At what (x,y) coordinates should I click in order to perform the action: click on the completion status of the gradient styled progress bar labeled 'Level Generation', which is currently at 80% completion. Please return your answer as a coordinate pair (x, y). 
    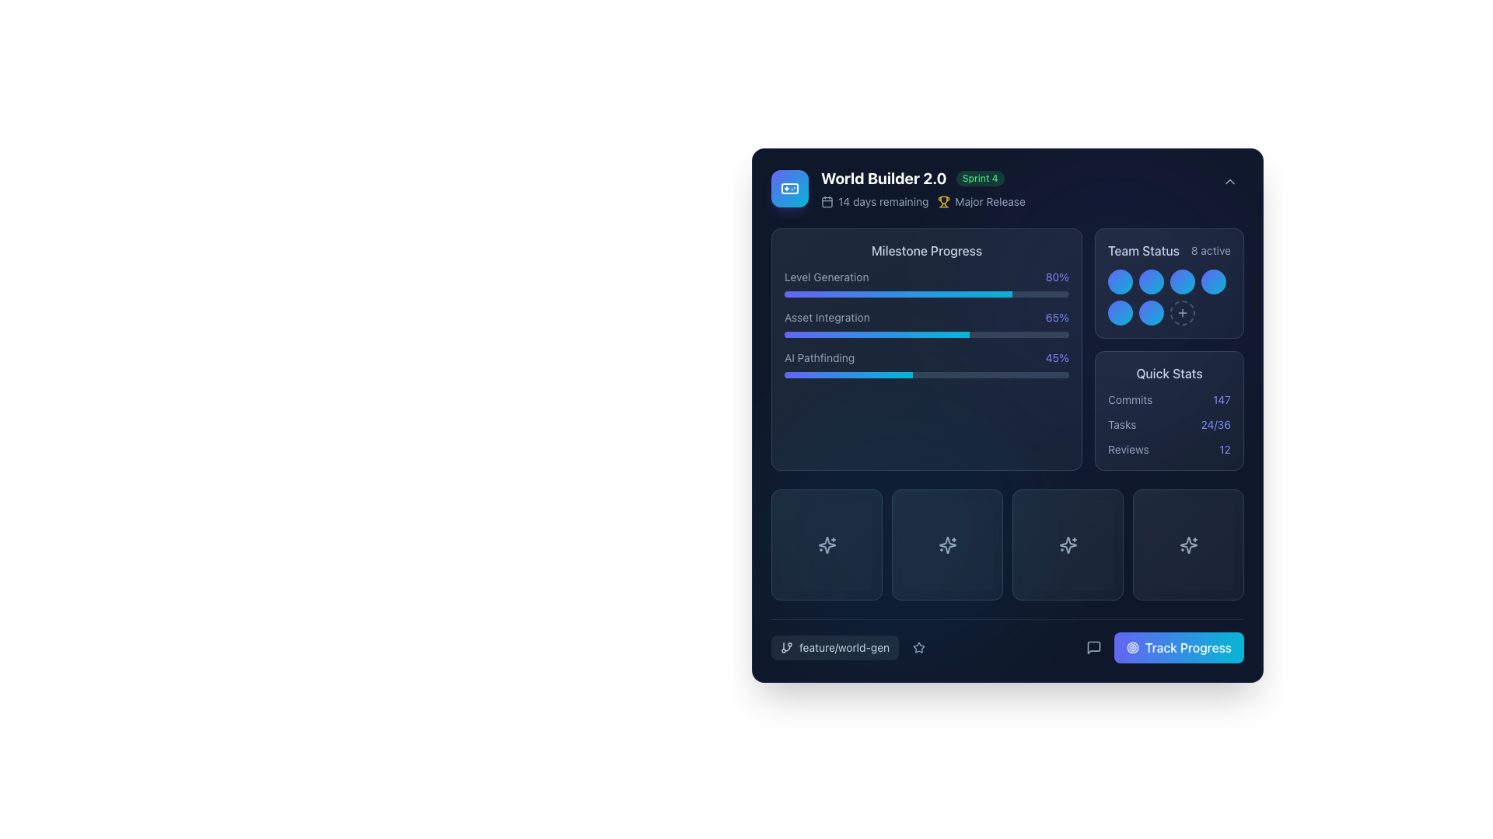
    Looking at the image, I should click on (898, 294).